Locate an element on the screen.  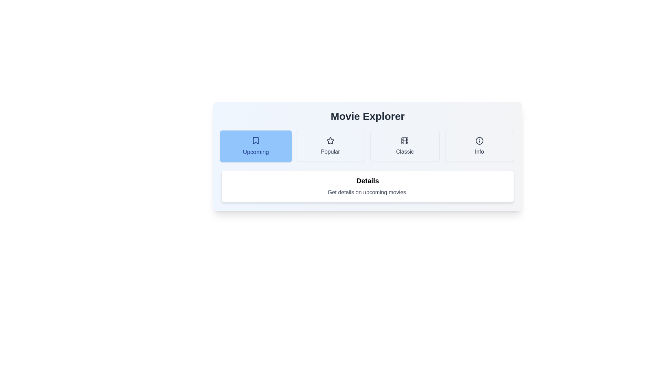
the button in the third column under the 'Movie Explorer' section is located at coordinates (405, 146).